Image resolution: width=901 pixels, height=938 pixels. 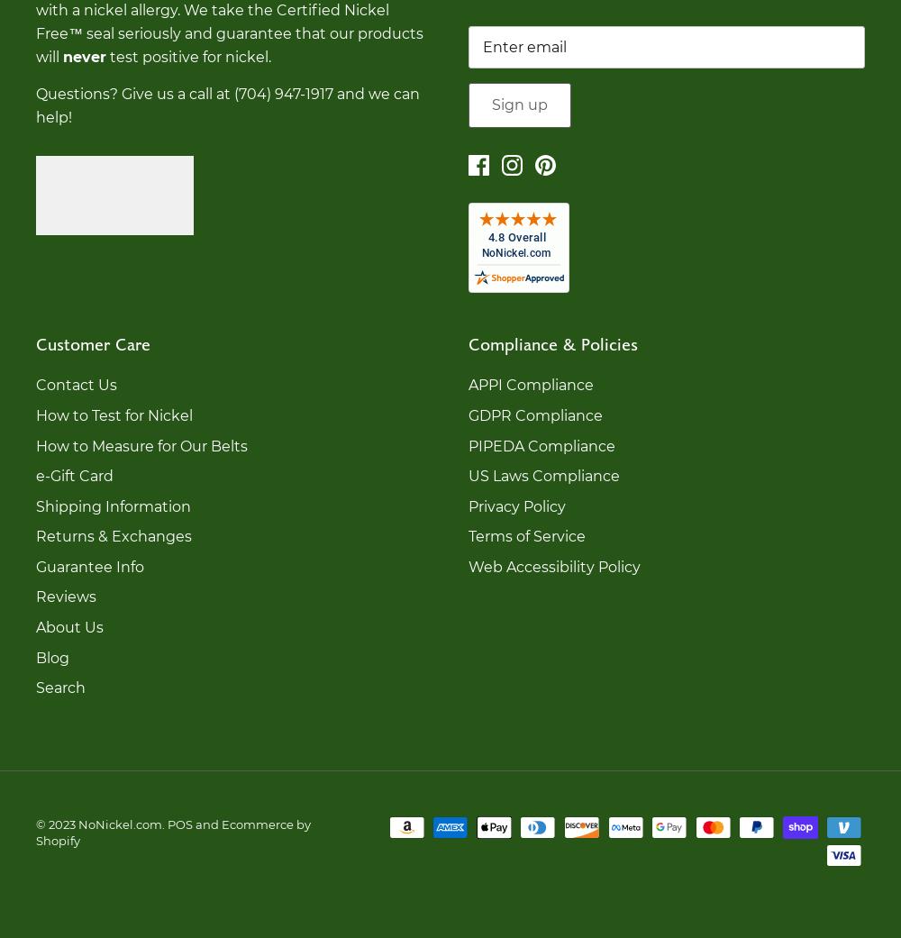 What do you see at coordinates (228, 105) in the screenshot?
I see `'Questions? Give us a call at (704) 947-1917 and we can help!'` at bounding box center [228, 105].